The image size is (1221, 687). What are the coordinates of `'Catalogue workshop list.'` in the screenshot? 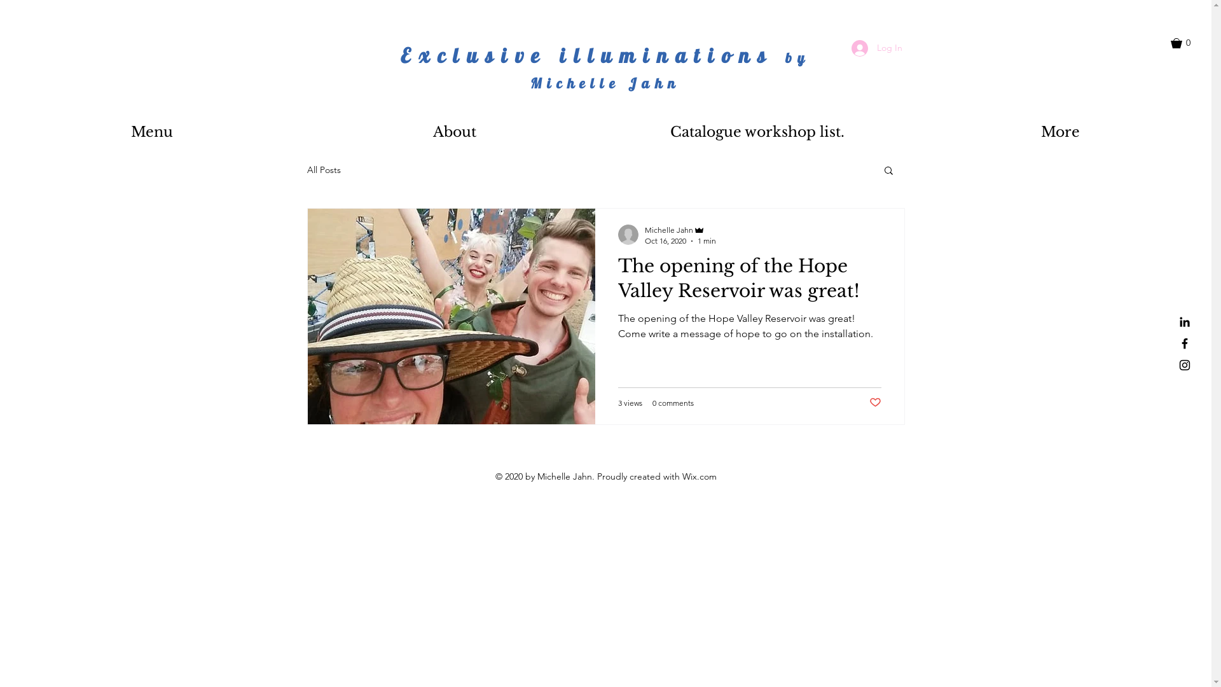 It's located at (757, 132).